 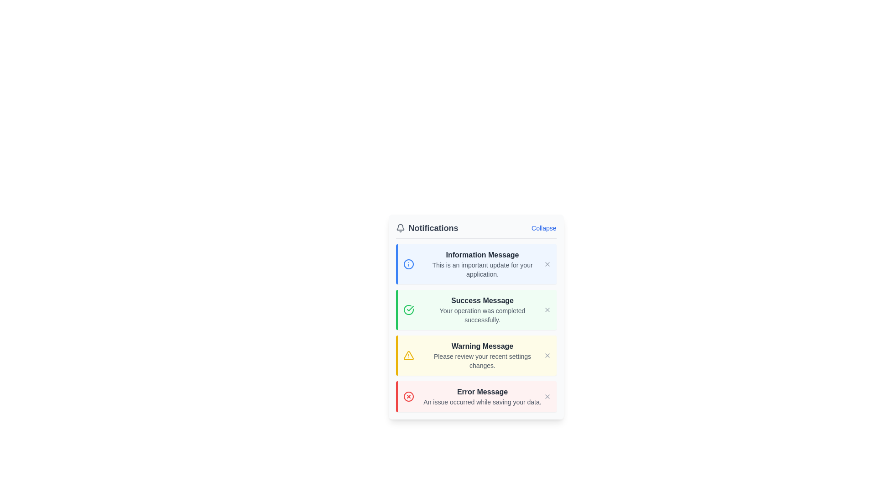 I want to click on the header text element that labels the notifications section, so click(x=427, y=228).